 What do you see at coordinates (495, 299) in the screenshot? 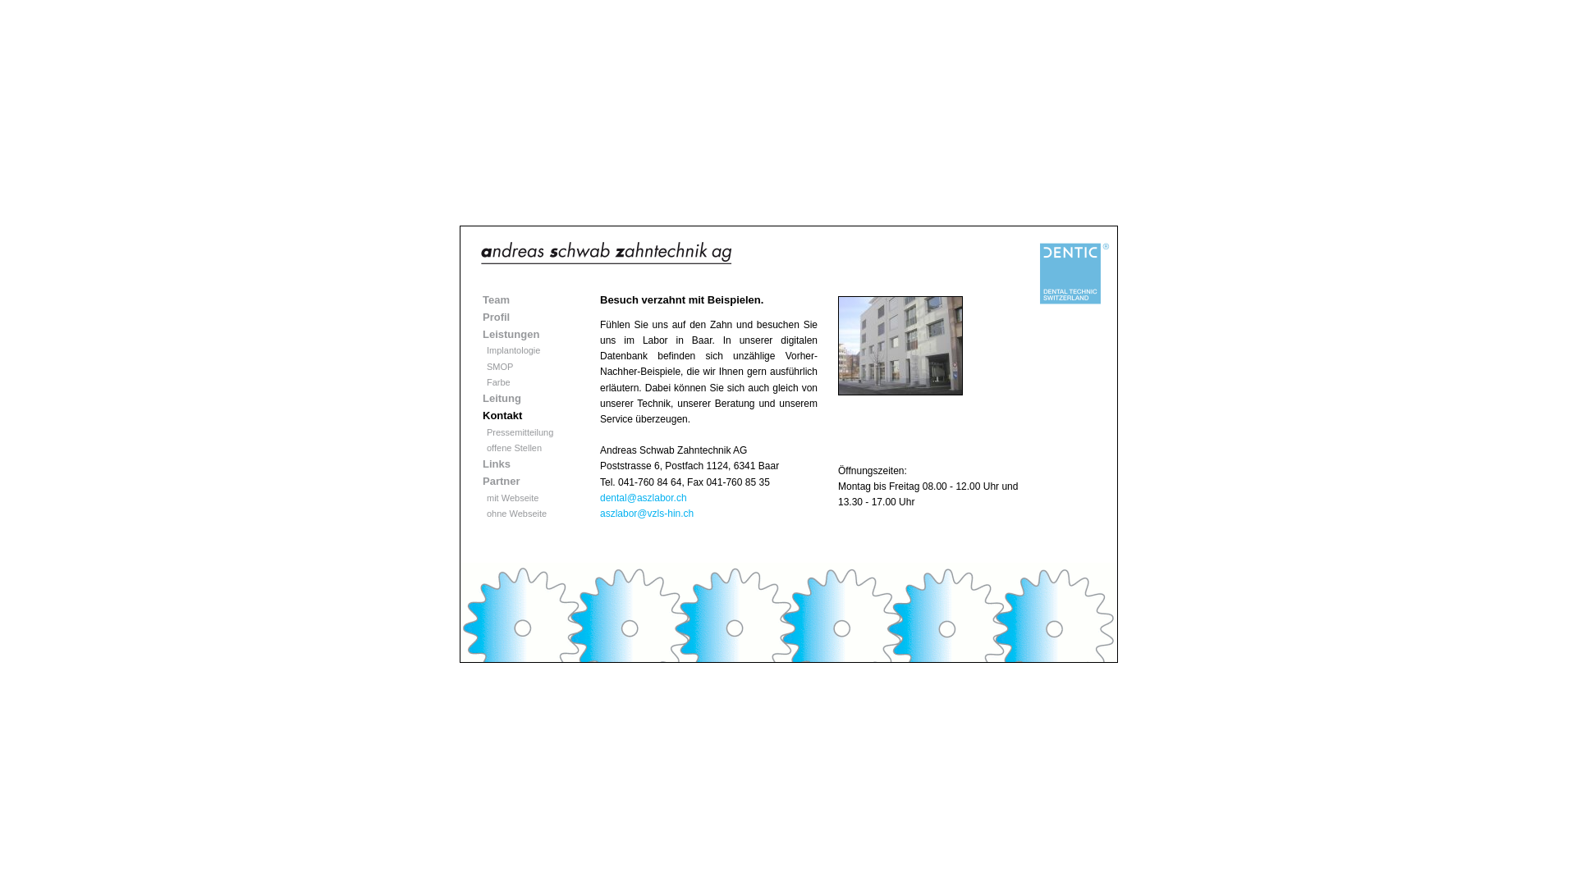
I see `'Team'` at bounding box center [495, 299].